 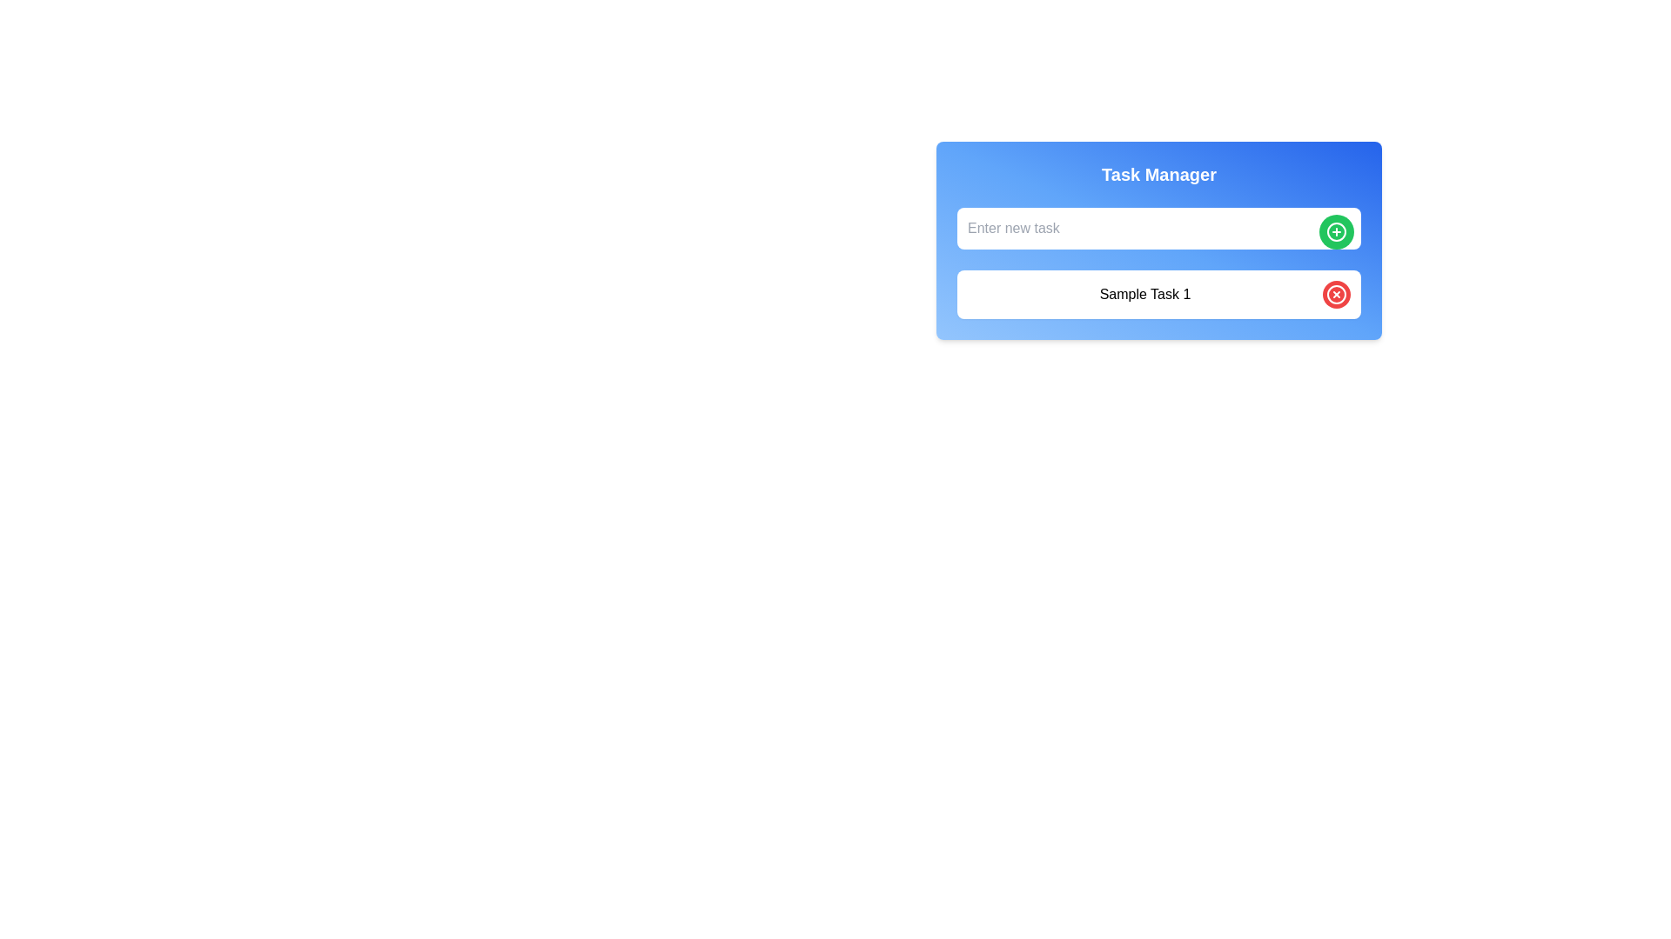 I want to click on the red circular button with a white border and an 'X' icon, so click(x=1336, y=294).